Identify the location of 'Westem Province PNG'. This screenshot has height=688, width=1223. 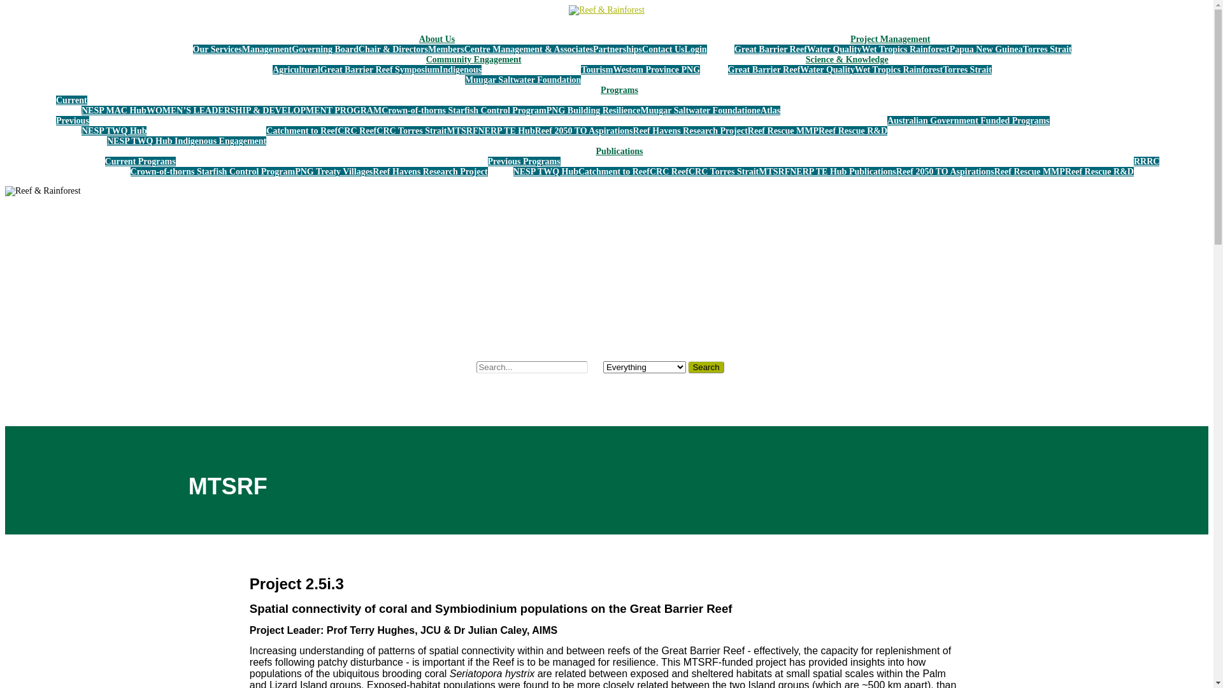
(656, 69).